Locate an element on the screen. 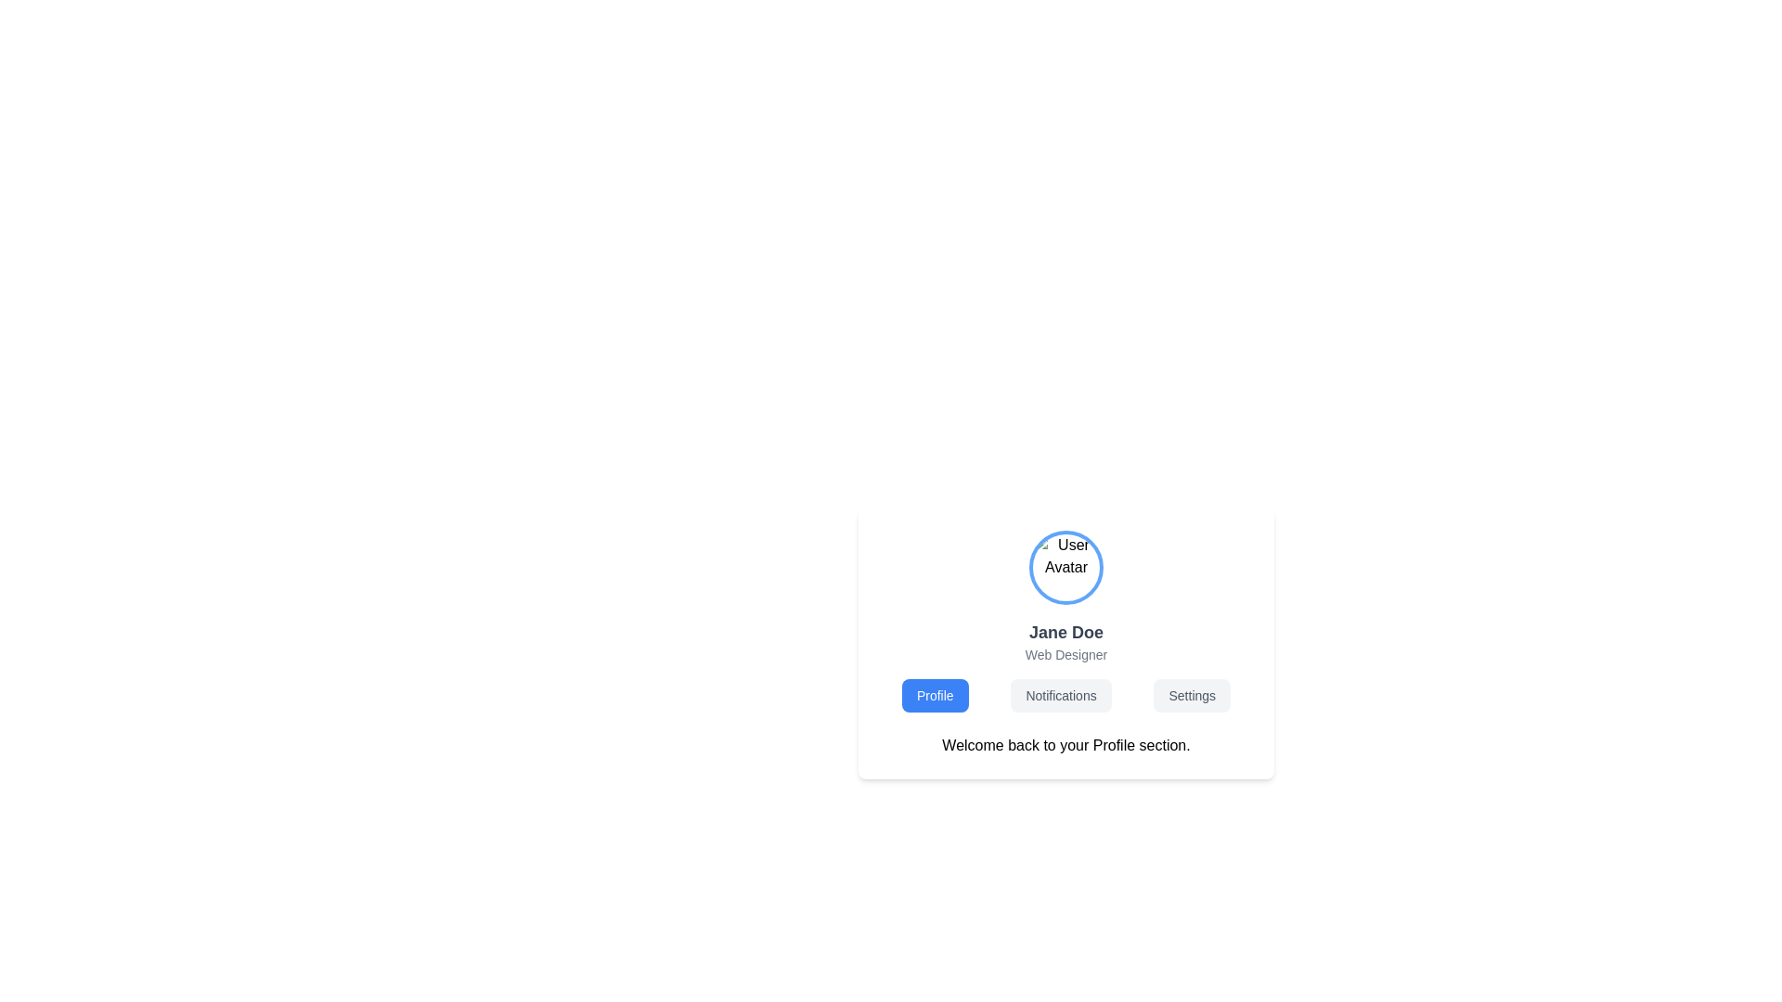 This screenshot has width=1782, height=1002. the leftmost button in the row of three buttons (Profile, Notifications, and Settings) is located at coordinates (935, 695).